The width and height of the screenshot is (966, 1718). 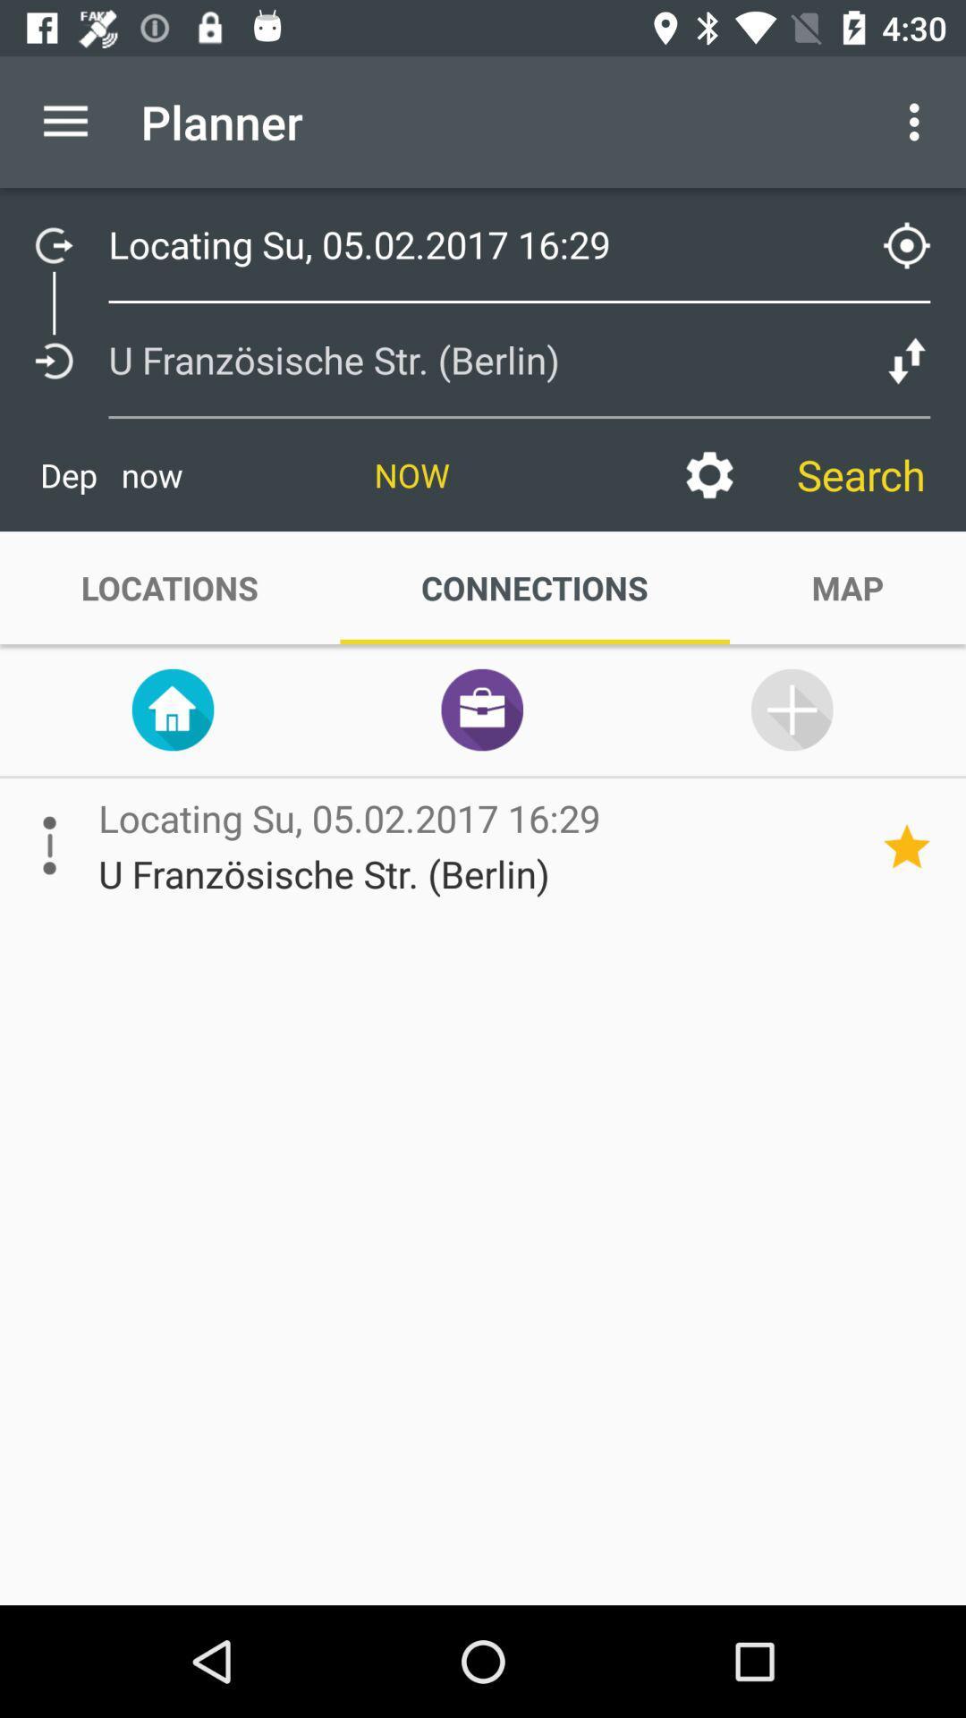 I want to click on the location_crosshair icon, so click(x=919, y=234).